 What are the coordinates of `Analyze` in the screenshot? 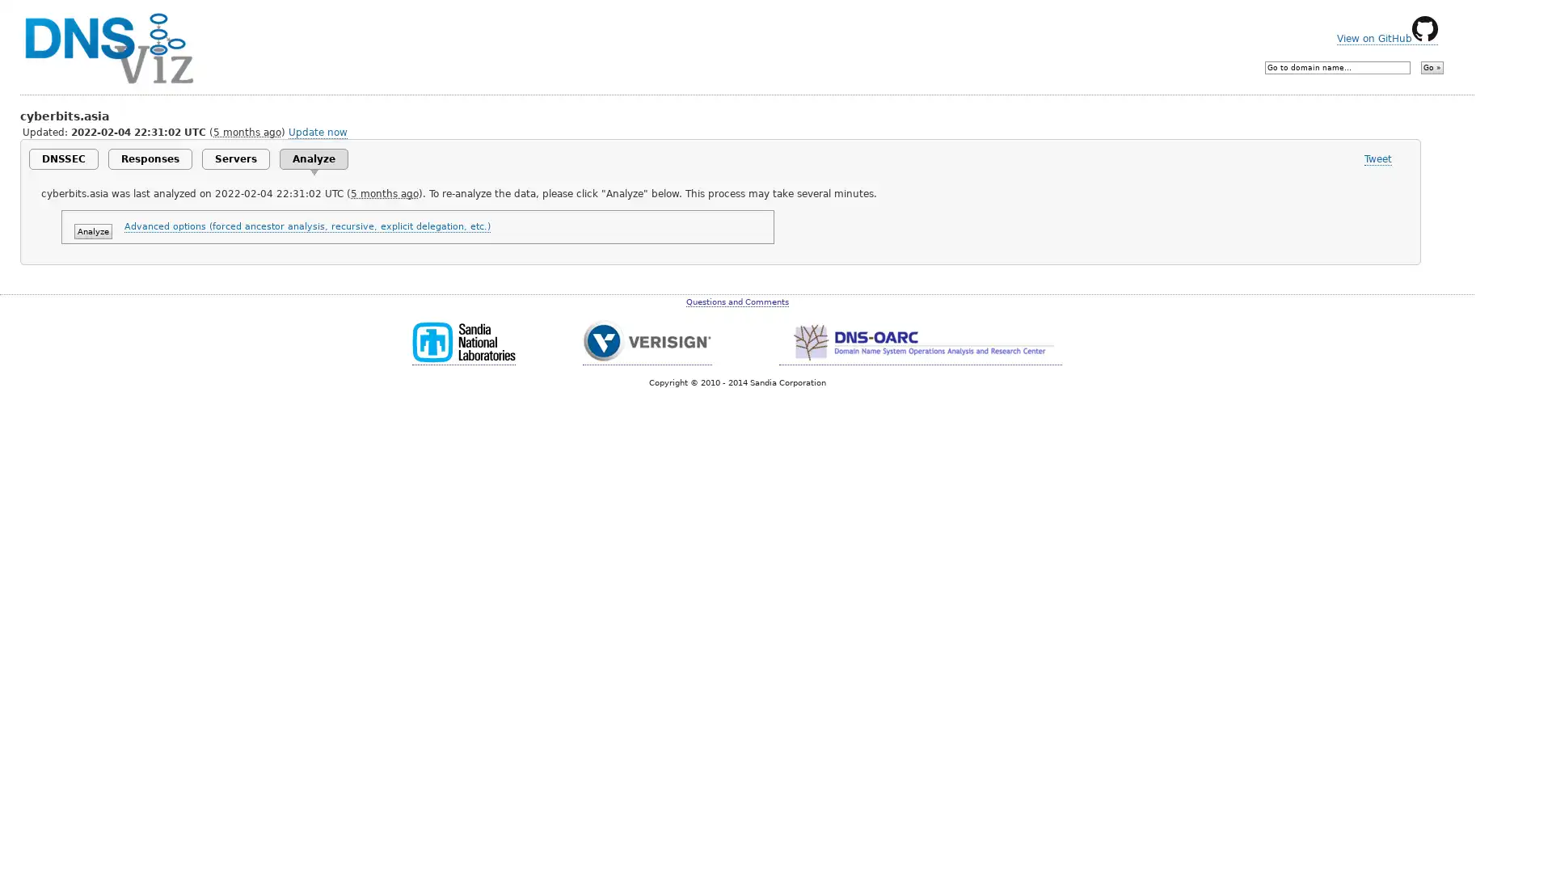 It's located at (92, 231).